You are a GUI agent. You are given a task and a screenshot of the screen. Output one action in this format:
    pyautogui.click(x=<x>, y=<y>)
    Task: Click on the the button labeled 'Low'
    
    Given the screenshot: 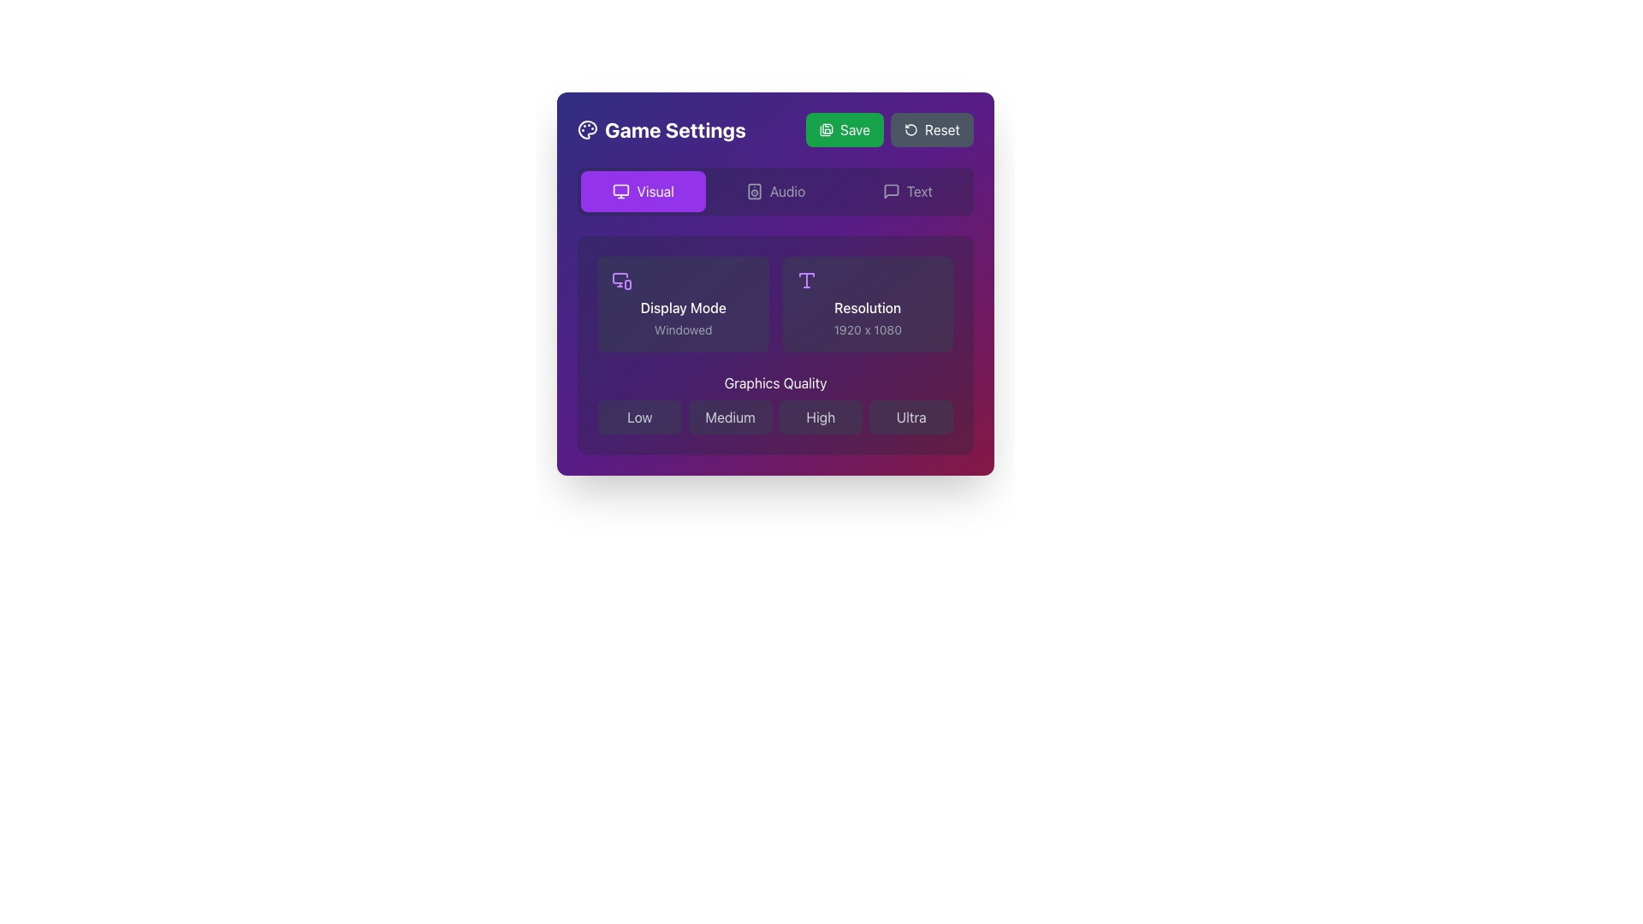 What is the action you would take?
    pyautogui.click(x=638, y=418)
    